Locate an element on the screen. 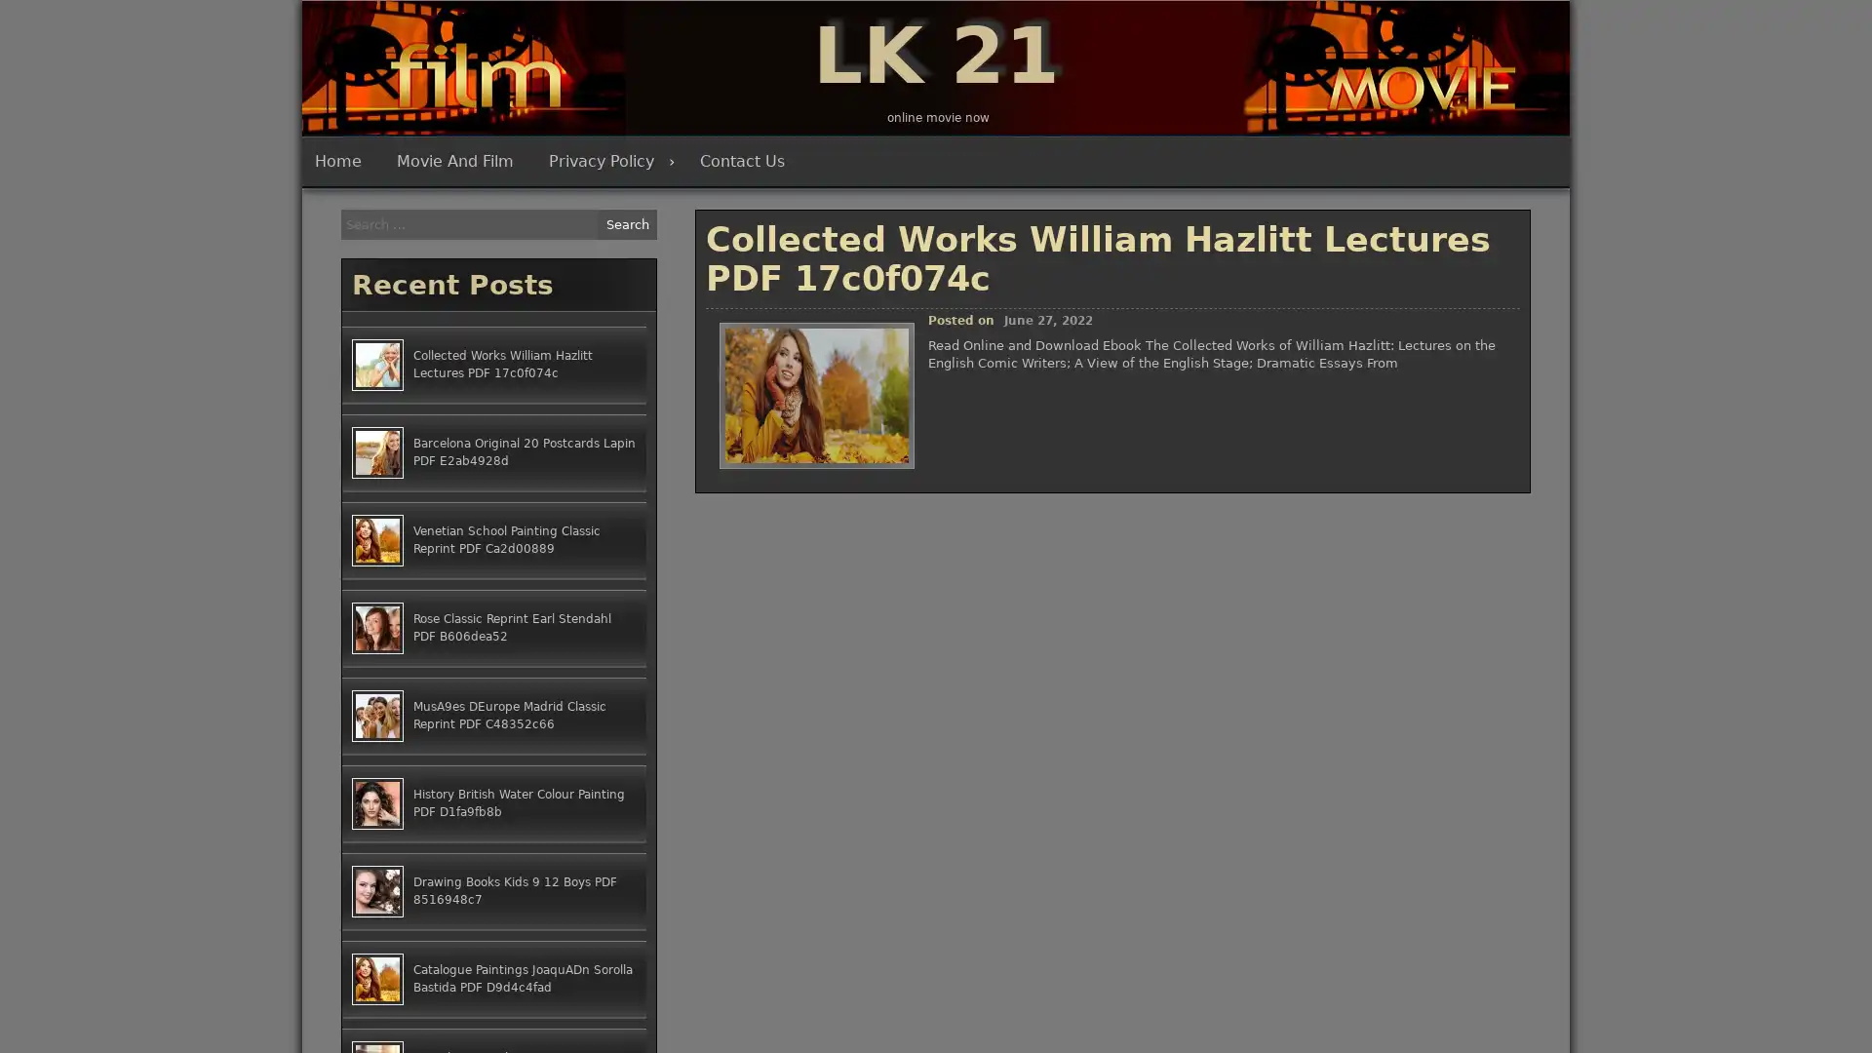  Search is located at coordinates (627, 223).